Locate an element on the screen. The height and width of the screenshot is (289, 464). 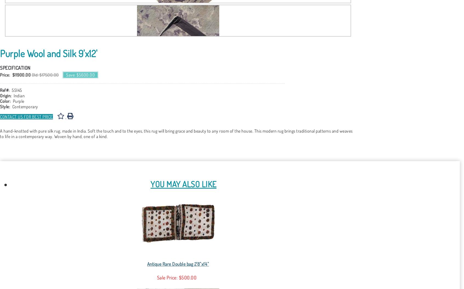
'55145' is located at coordinates (16, 90).